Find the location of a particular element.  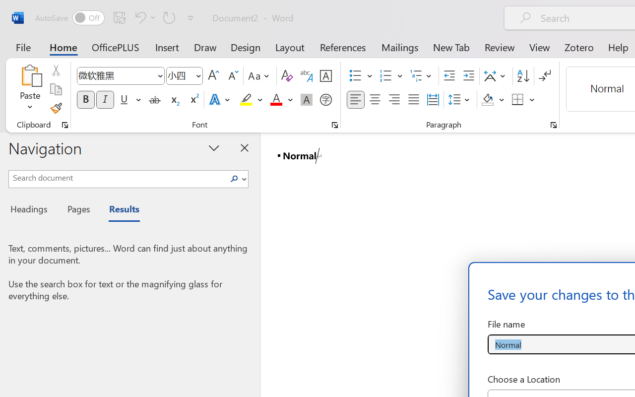

'Font Color' is located at coordinates (281, 100).